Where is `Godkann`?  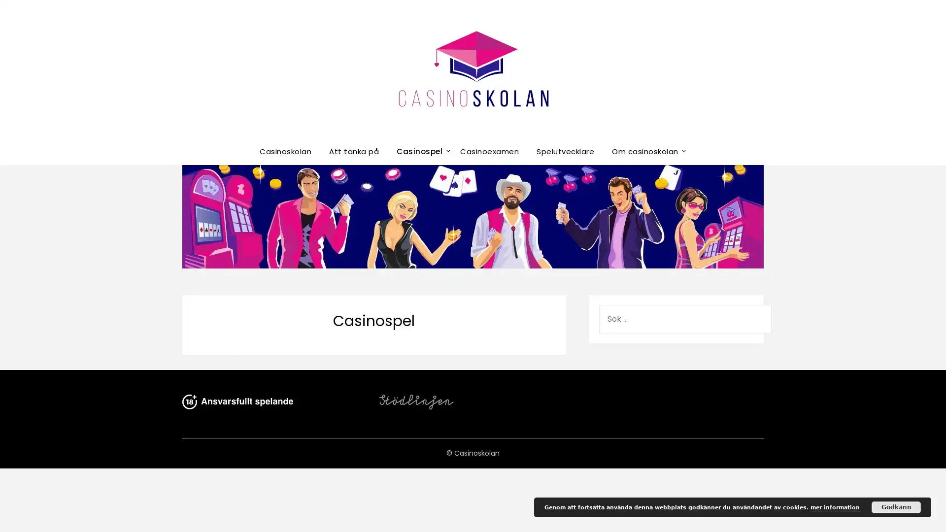
Godkann is located at coordinates (896, 507).